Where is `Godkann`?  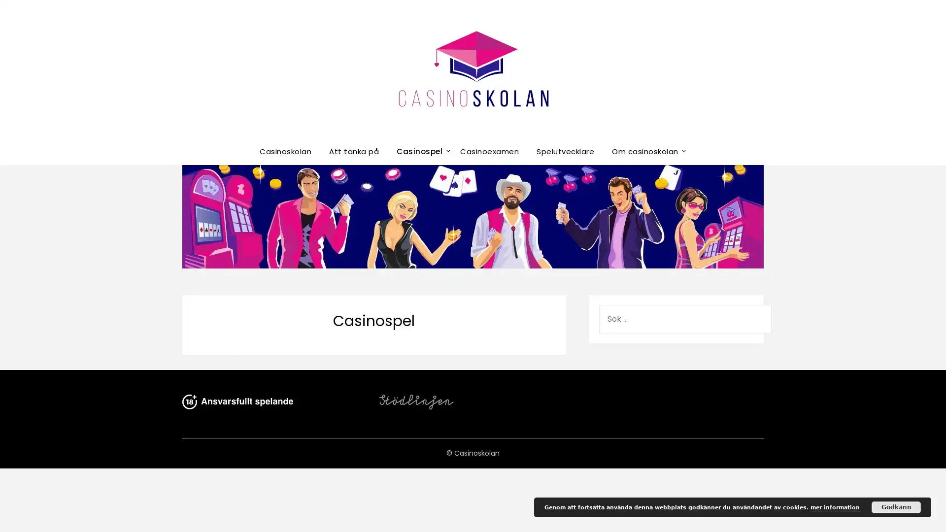
Godkann is located at coordinates (896, 507).